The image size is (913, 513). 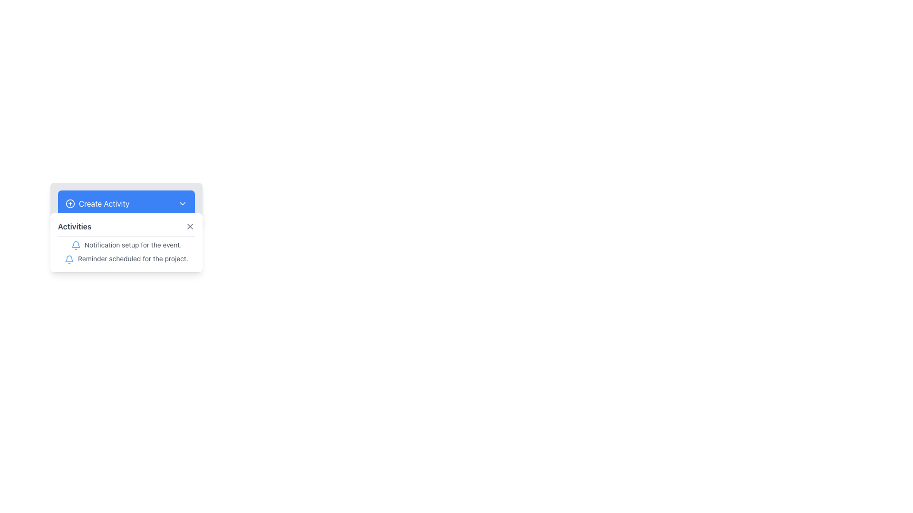 What do you see at coordinates (97, 203) in the screenshot?
I see `the blue button labeled 'Create Activity' with a plus icon` at bounding box center [97, 203].